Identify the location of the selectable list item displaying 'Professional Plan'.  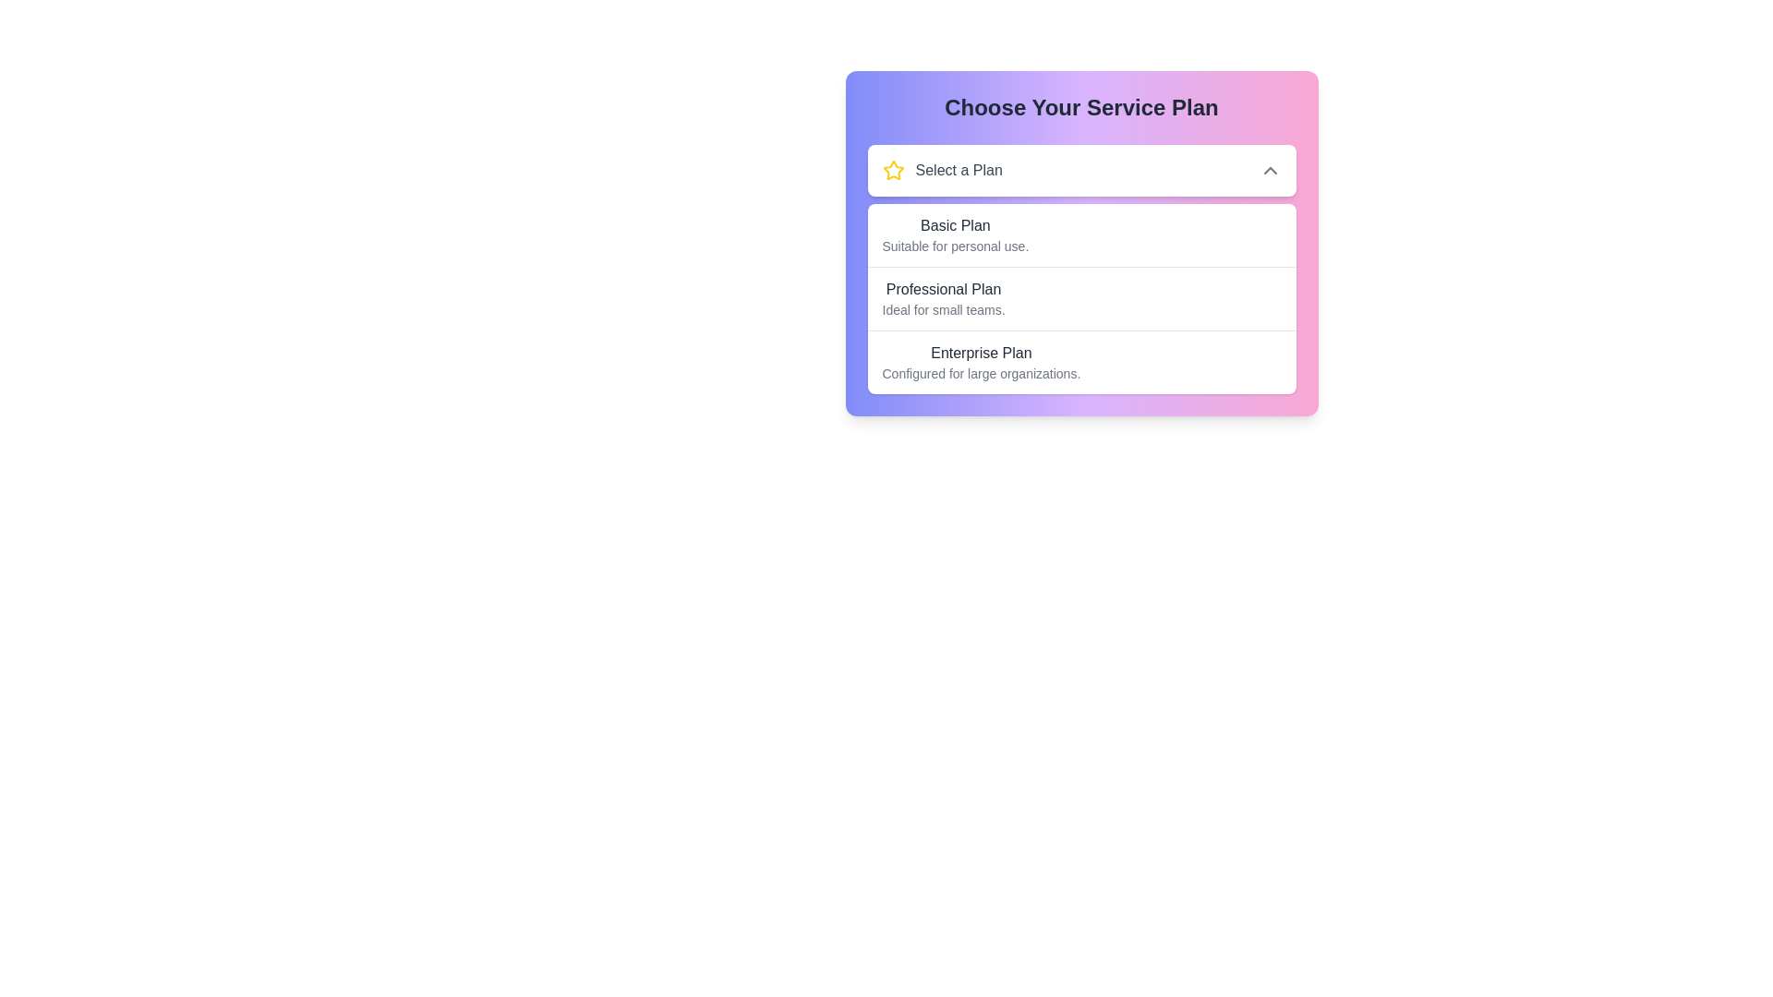
(1081, 297).